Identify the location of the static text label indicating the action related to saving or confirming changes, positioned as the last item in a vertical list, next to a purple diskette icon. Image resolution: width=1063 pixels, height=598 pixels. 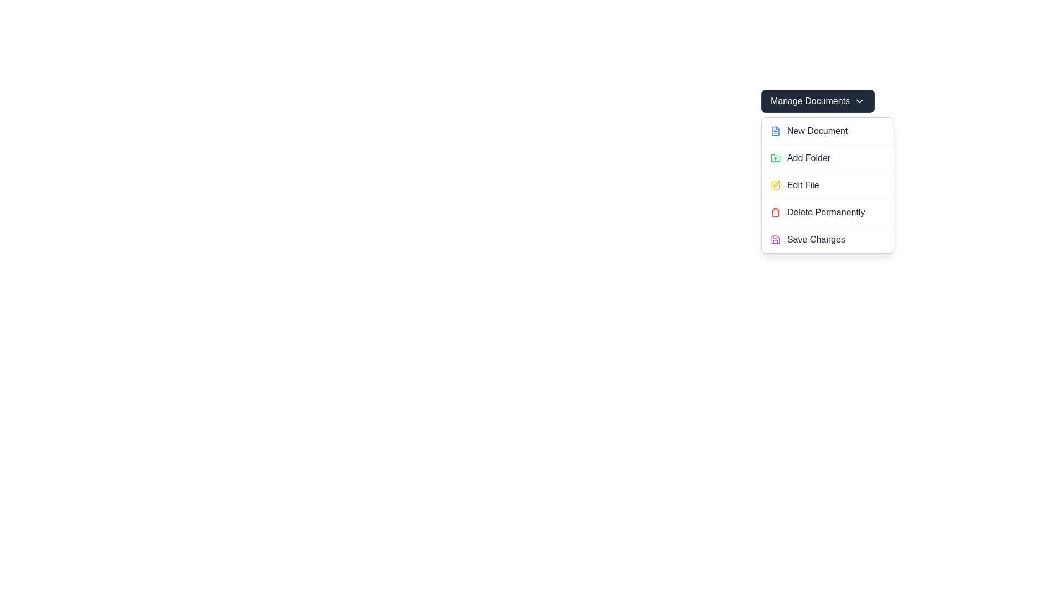
(816, 239).